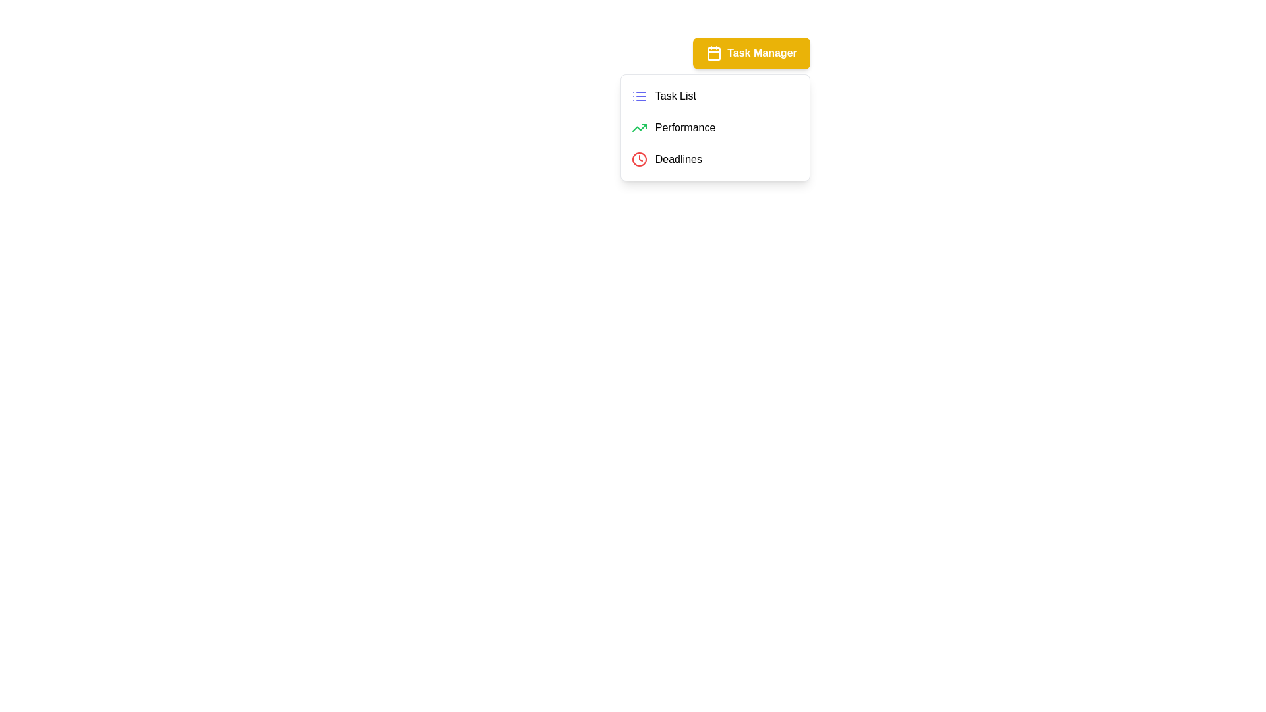  I want to click on the Task List icon in the Task Management Menu, so click(639, 96).